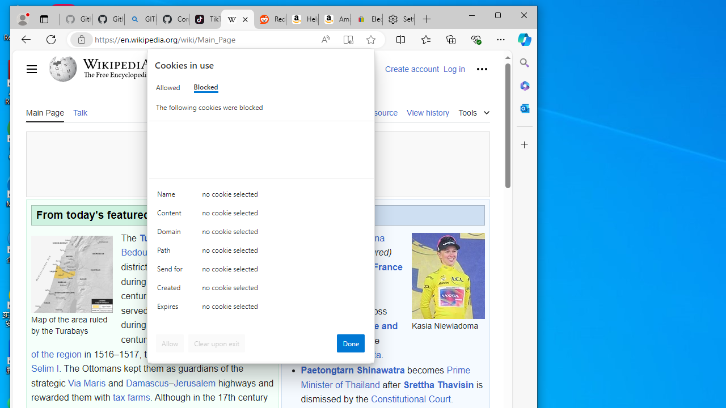  Describe the element at coordinates (260, 196) in the screenshot. I see `'Class: c0153 c0157 c0154'` at that location.